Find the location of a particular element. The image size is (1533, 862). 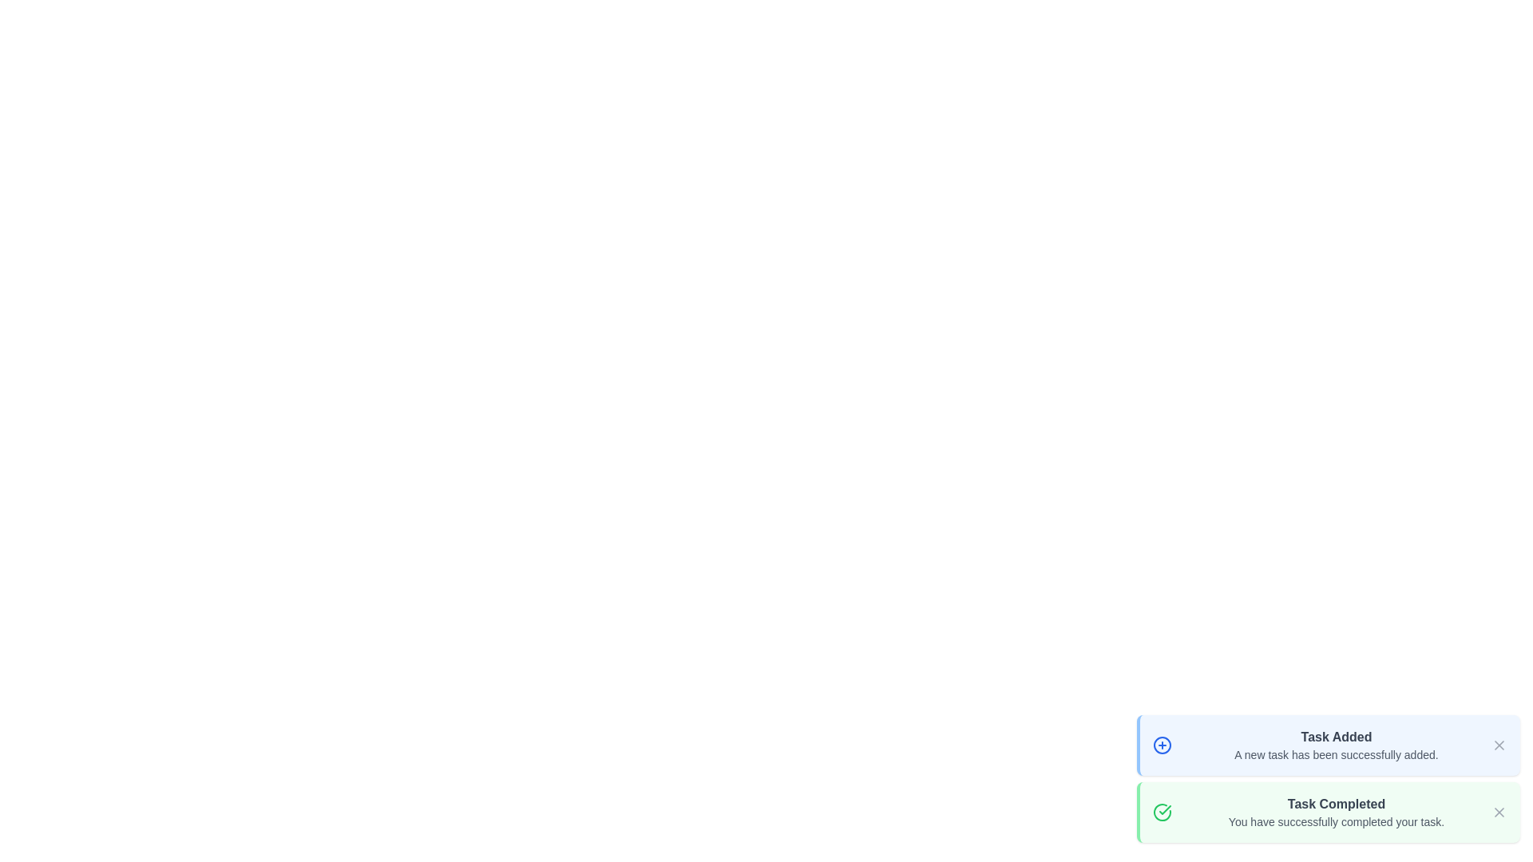

the notification panel element Task Added notification to interact with it is located at coordinates (1329, 745).